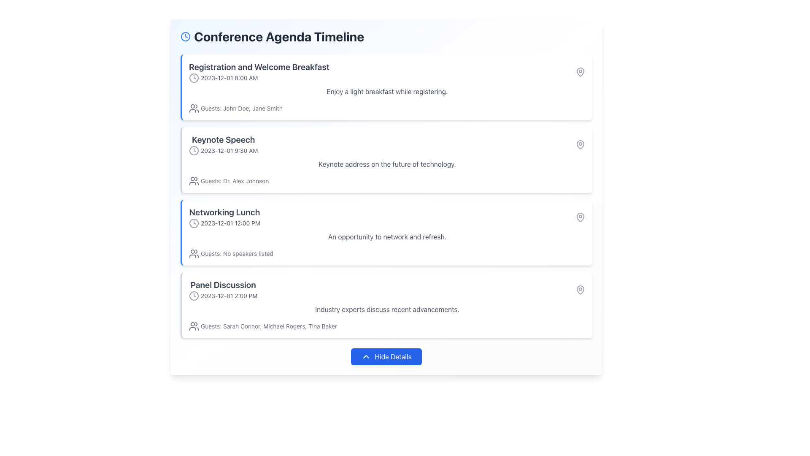 This screenshot has height=456, width=810. What do you see at coordinates (386, 144) in the screenshot?
I see `the second informational block in the Conference Agenda Timeline to focus on the event details` at bounding box center [386, 144].